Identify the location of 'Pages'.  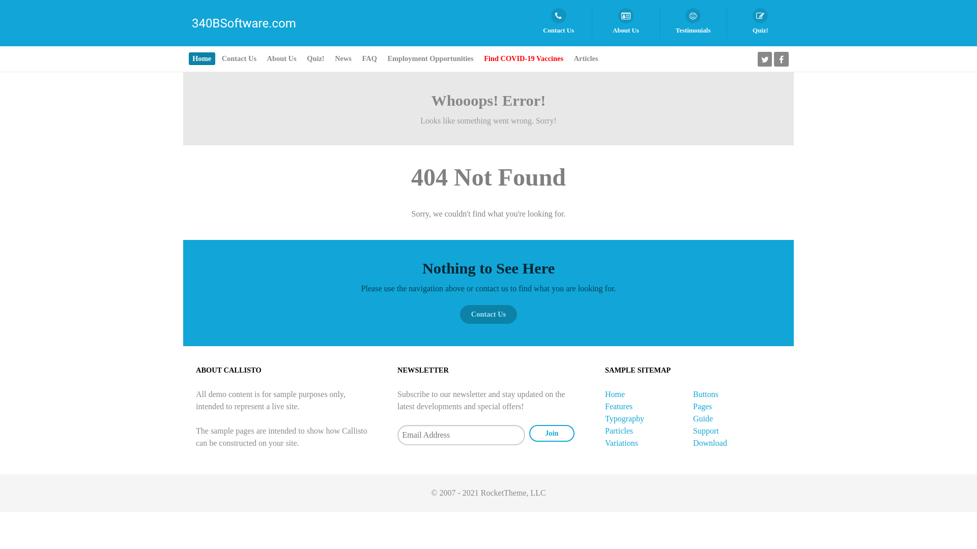
(702, 406).